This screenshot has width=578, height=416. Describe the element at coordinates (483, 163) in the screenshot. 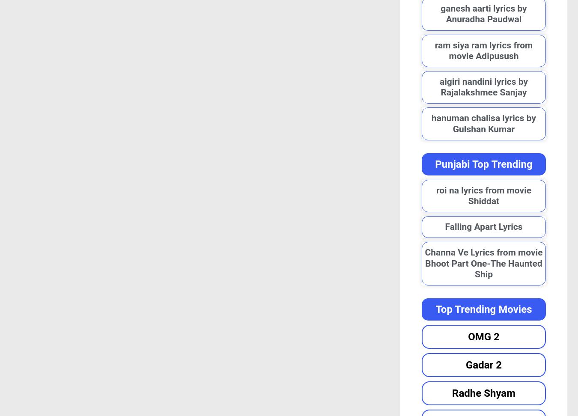

I see `'Punjabi Top Trending'` at that location.